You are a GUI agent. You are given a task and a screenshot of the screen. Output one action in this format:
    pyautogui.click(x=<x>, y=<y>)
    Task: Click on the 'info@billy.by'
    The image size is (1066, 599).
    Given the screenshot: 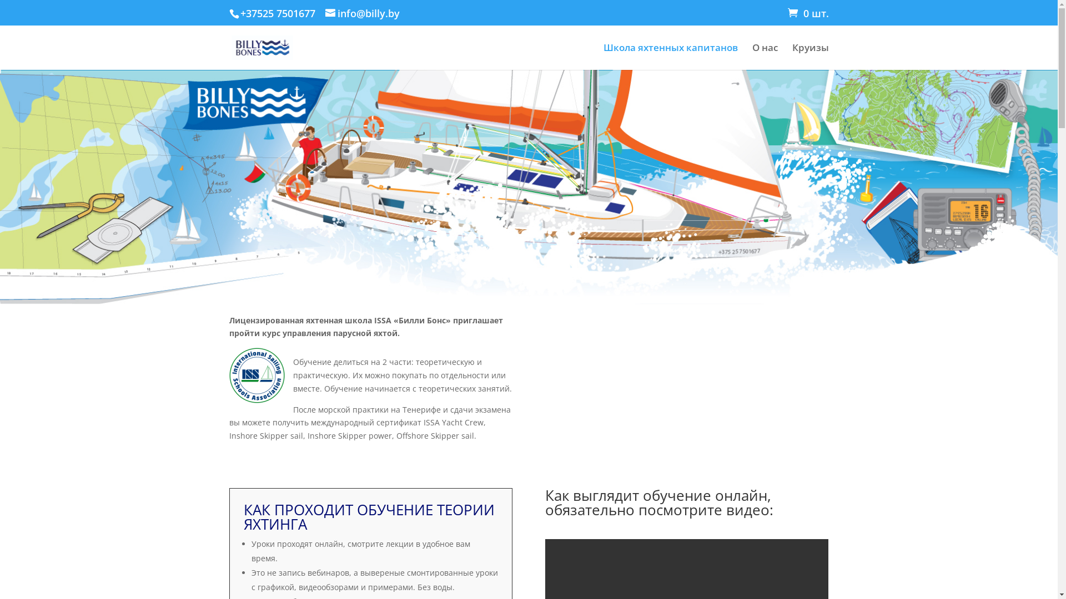 What is the action you would take?
    pyautogui.click(x=362, y=13)
    